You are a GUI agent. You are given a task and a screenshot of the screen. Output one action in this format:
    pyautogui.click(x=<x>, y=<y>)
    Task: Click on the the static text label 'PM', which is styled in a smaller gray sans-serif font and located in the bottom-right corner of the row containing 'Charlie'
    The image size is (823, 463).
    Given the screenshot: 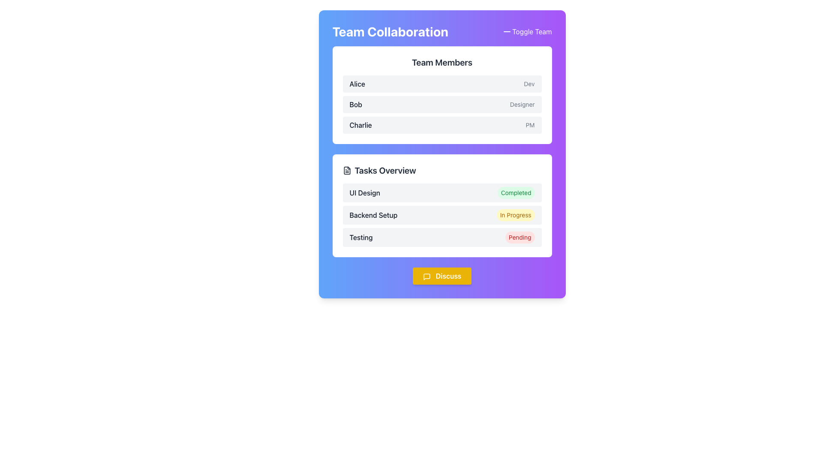 What is the action you would take?
    pyautogui.click(x=530, y=125)
    